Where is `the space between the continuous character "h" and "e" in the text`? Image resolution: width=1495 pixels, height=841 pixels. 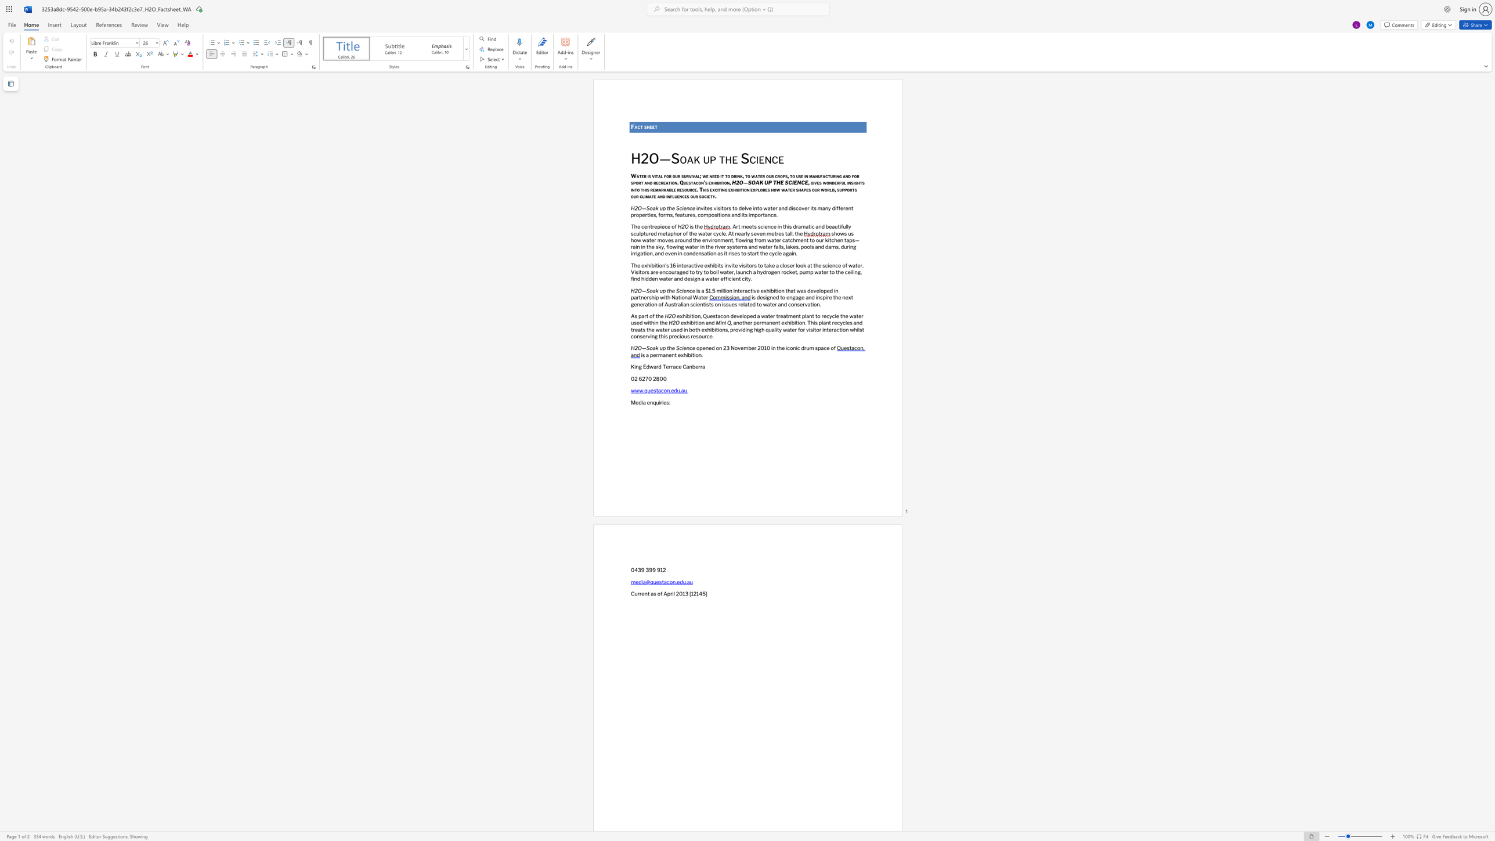 the space between the continuous character "h" and "e" in the text is located at coordinates (671, 208).